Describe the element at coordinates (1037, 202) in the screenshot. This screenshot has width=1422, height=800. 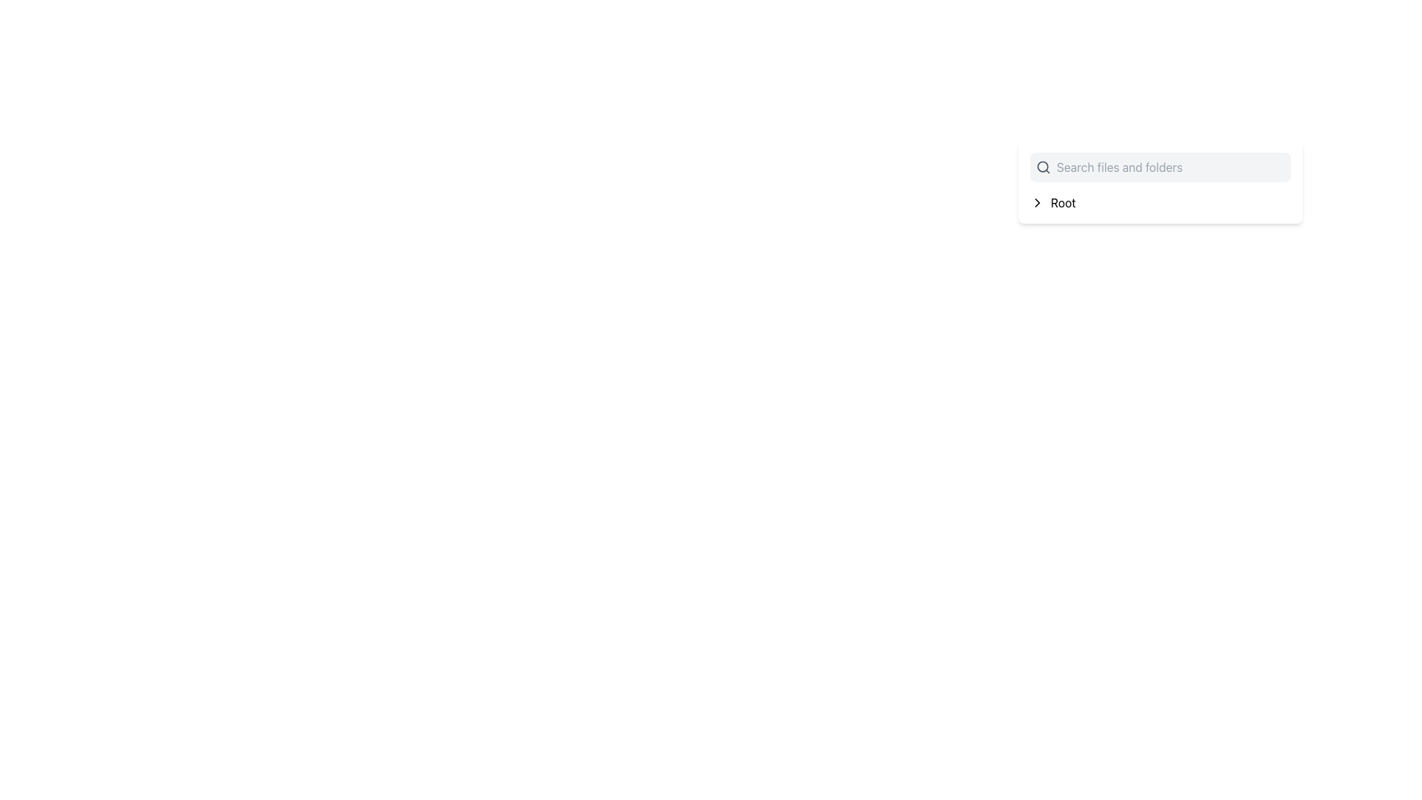
I see `the chevron arrow icon adjacent to the 'Root' text label` at that location.